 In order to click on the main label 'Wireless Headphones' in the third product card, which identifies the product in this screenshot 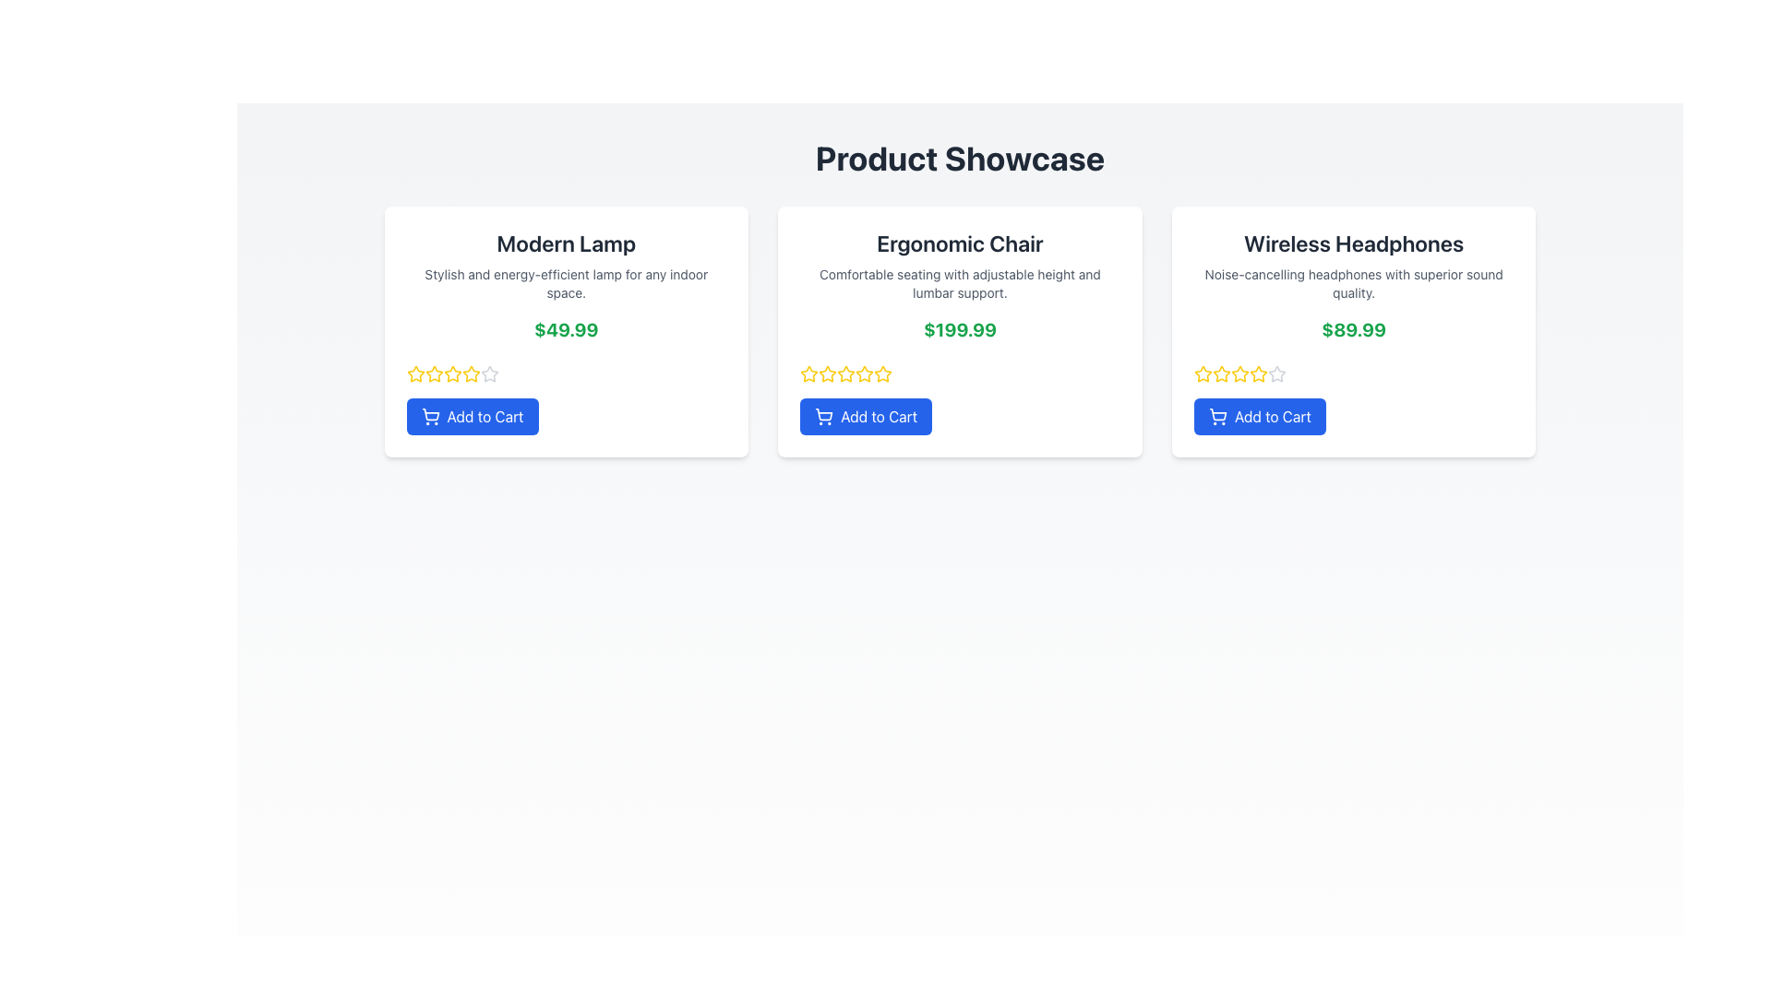, I will do `click(1354, 242)`.